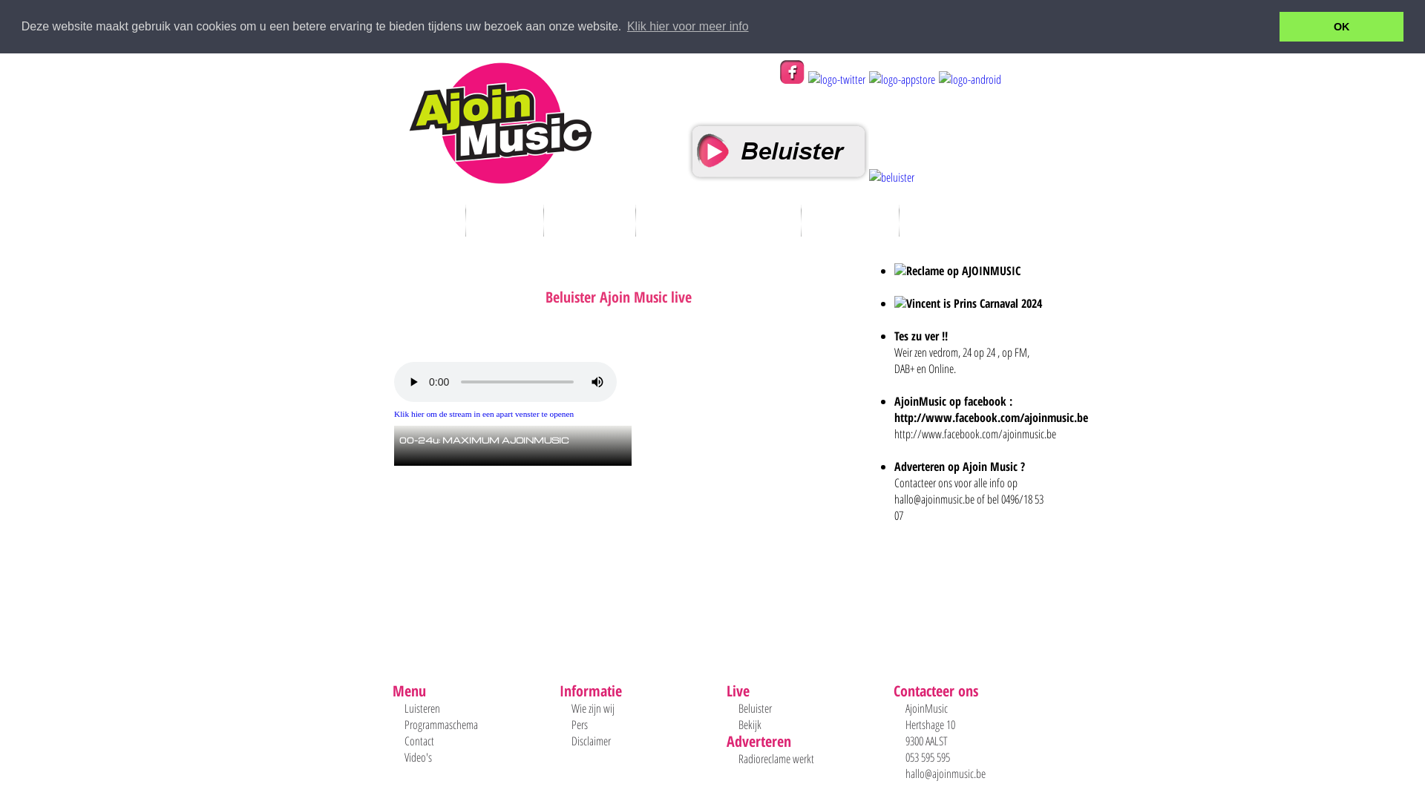 This screenshot has height=801, width=1425. I want to click on 'Bekijk', so click(750, 723).